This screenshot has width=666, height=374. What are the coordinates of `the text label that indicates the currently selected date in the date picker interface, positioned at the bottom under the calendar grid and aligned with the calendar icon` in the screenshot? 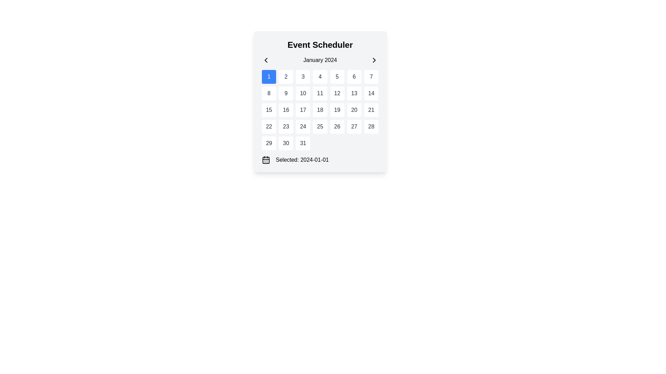 It's located at (302, 160).